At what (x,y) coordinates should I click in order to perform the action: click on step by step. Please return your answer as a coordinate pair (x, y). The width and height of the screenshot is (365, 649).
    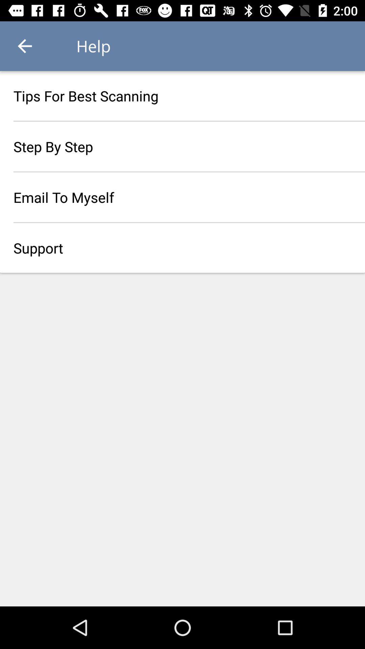
    Looking at the image, I should click on (182, 146).